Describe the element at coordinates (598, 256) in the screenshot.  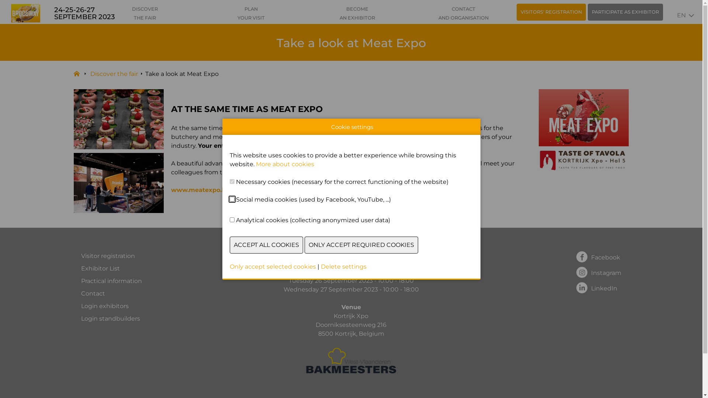
I see `'Facebook'` at that location.